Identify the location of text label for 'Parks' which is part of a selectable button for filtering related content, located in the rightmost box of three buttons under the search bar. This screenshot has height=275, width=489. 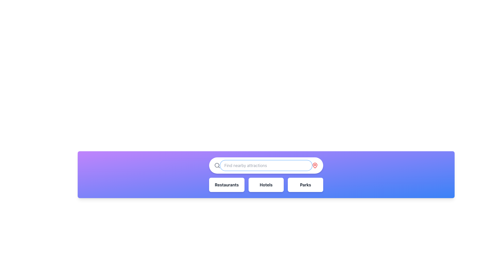
(305, 185).